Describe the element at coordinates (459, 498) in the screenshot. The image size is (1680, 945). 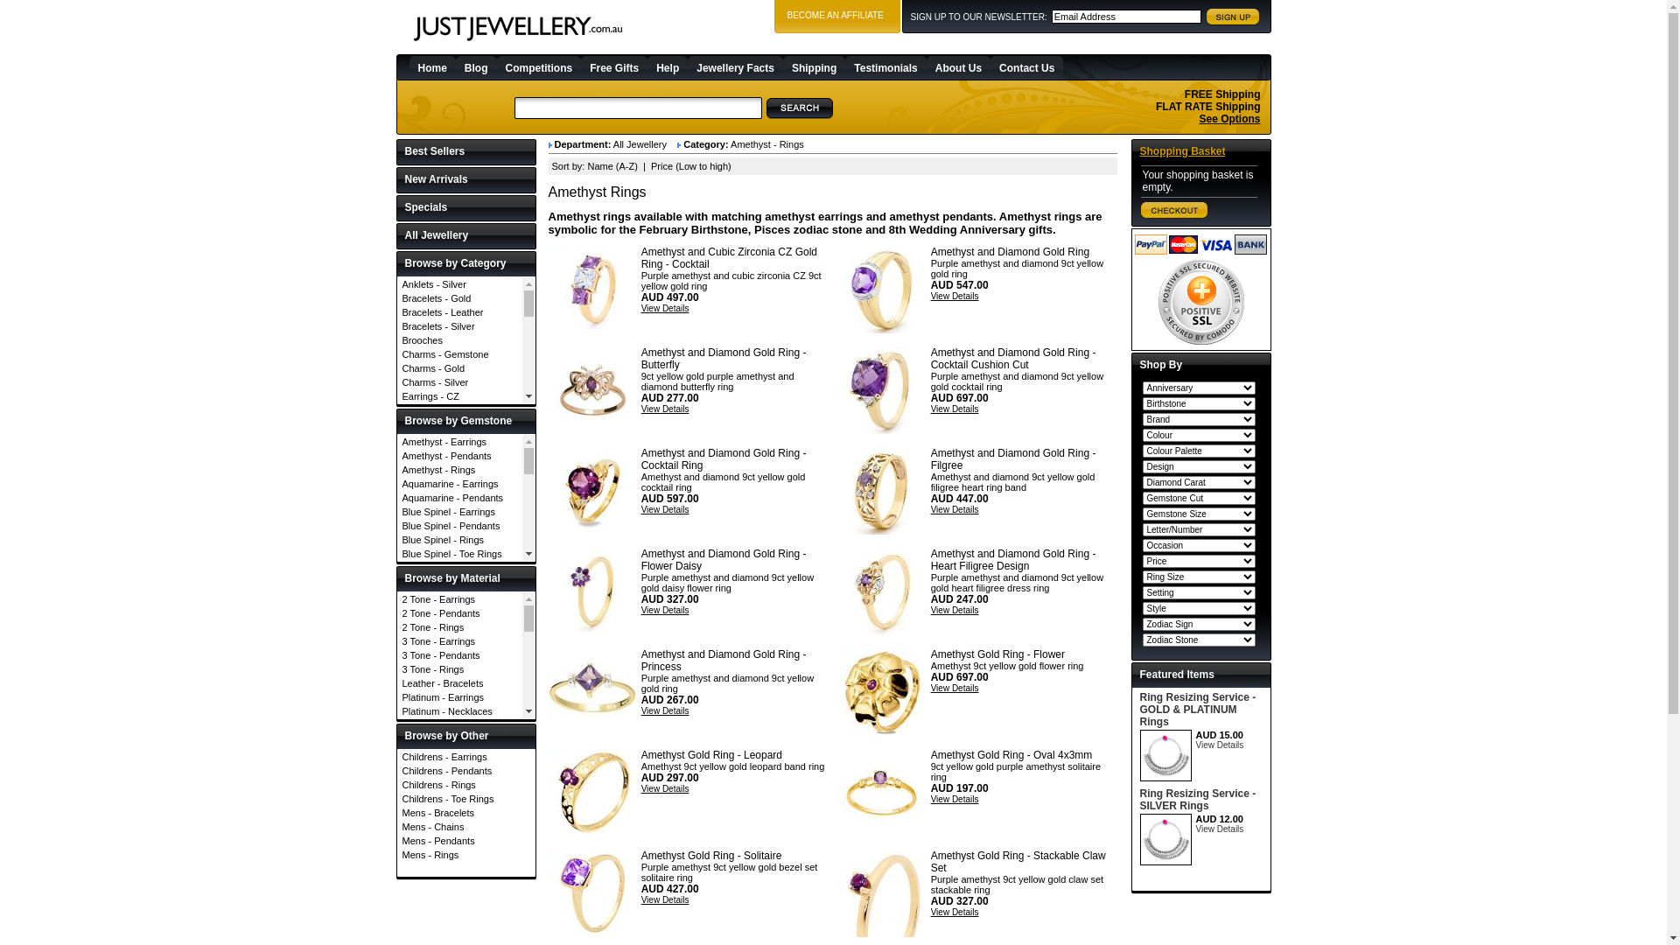
I see `'Aquamarine - Pendants'` at that location.